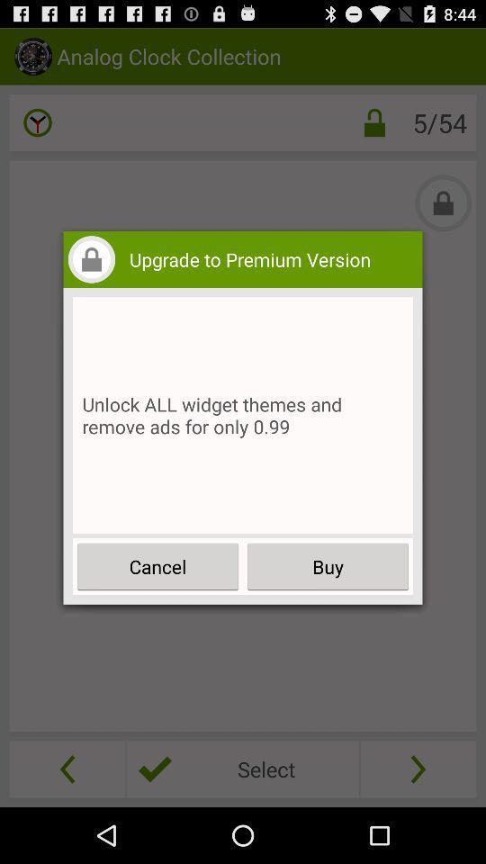 The height and width of the screenshot is (864, 486). I want to click on cancel, so click(157, 565).